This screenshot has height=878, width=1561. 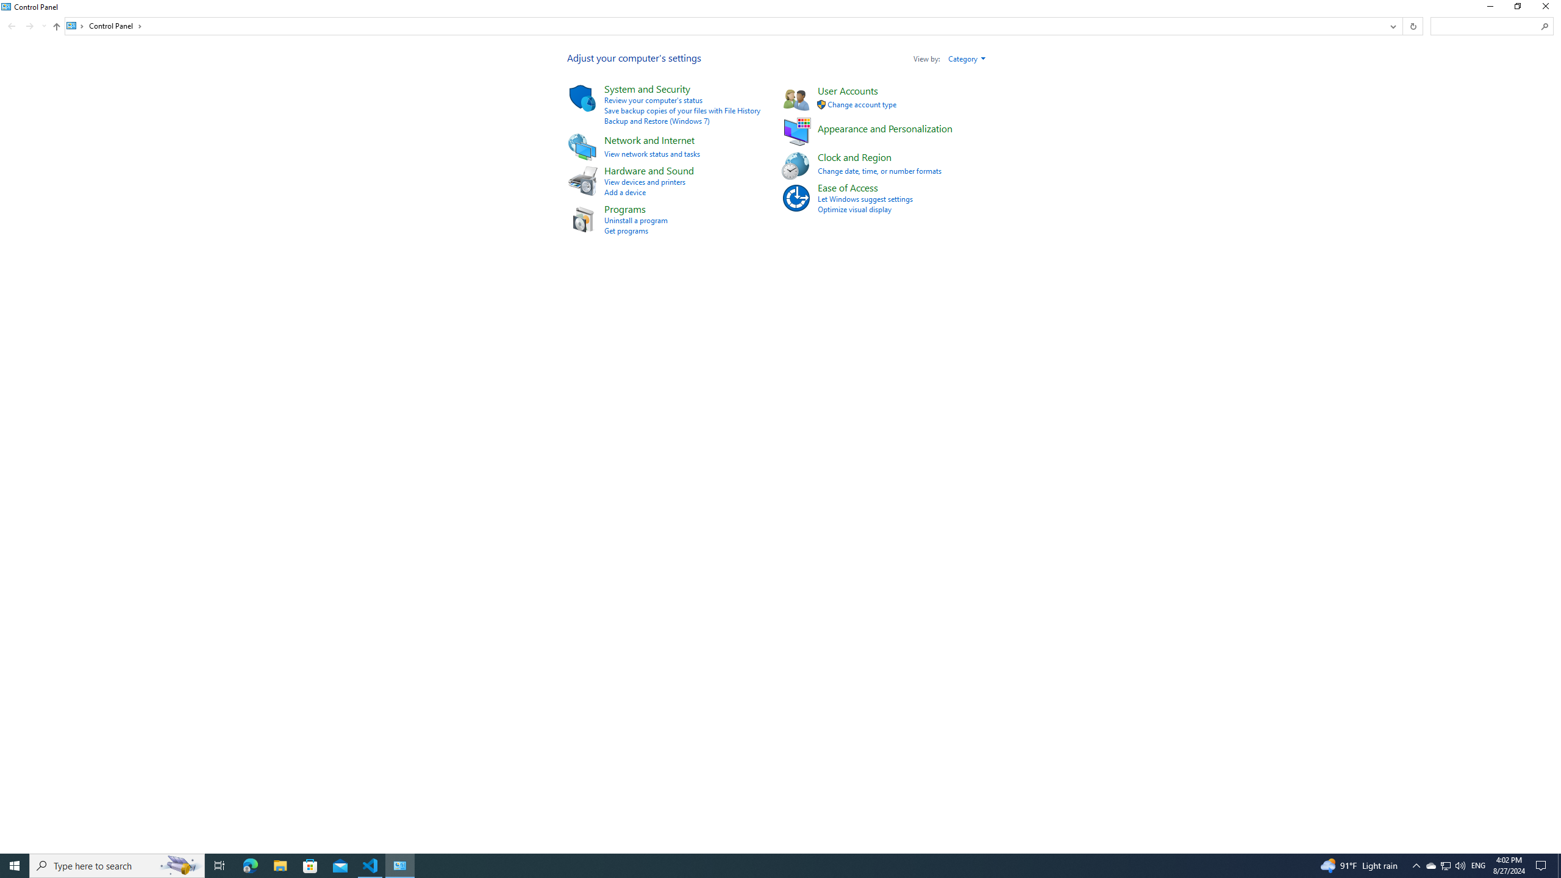 What do you see at coordinates (57, 27) in the screenshot?
I see `'Up band toolbar'` at bounding box center [57, 27].